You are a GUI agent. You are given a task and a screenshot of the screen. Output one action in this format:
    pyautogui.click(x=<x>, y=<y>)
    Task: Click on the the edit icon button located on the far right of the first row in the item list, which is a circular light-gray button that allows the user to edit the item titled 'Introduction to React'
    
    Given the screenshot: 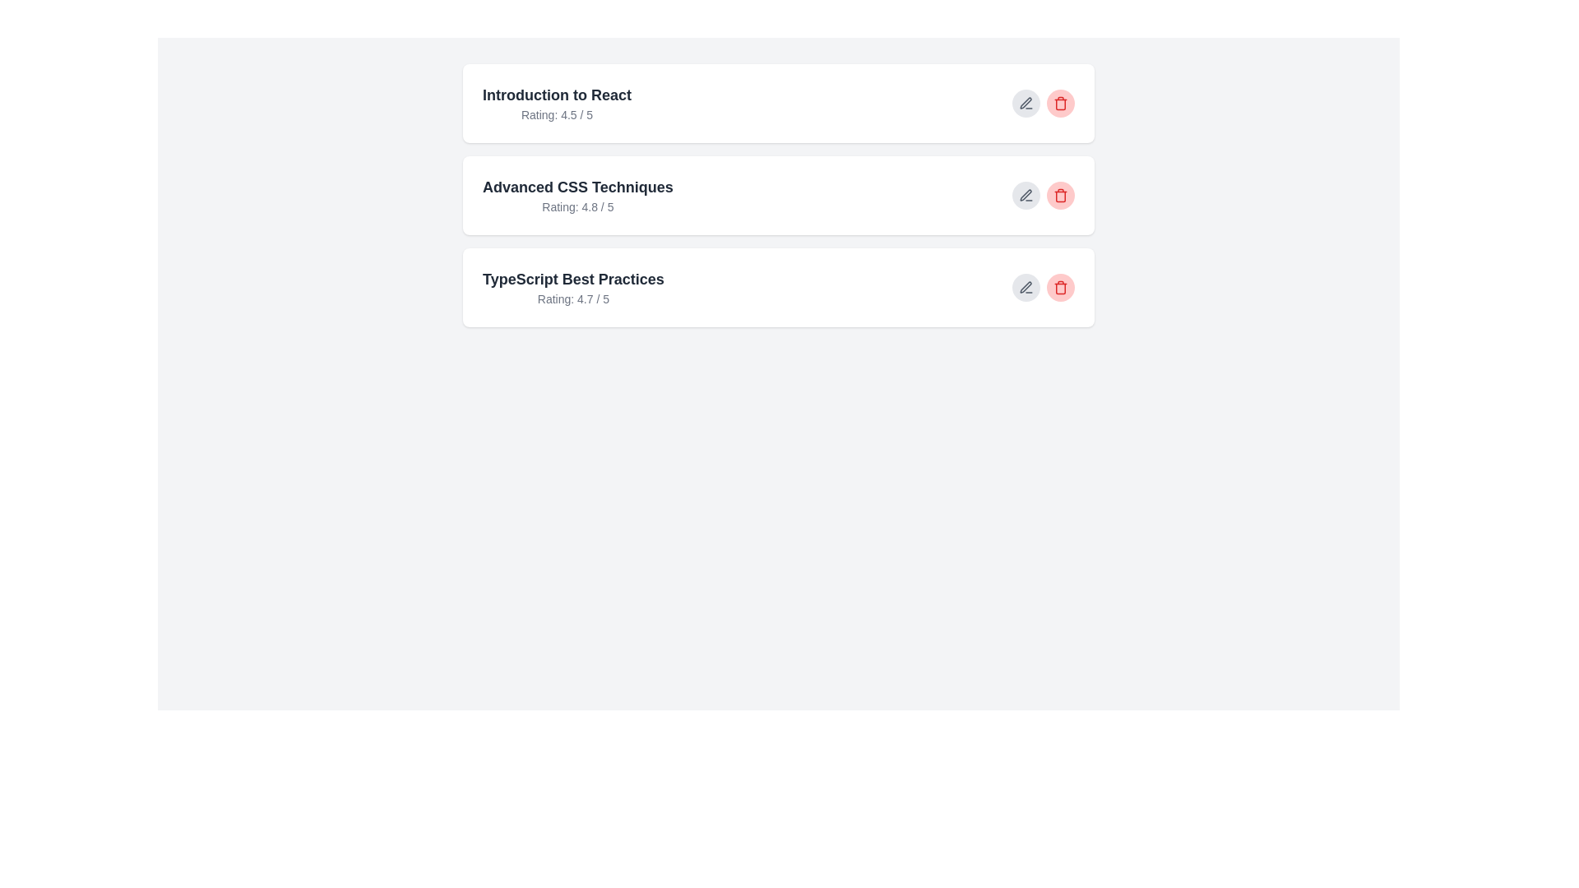 What is the action you would take?
    pyautogui.click(x=1026, y=104)
    